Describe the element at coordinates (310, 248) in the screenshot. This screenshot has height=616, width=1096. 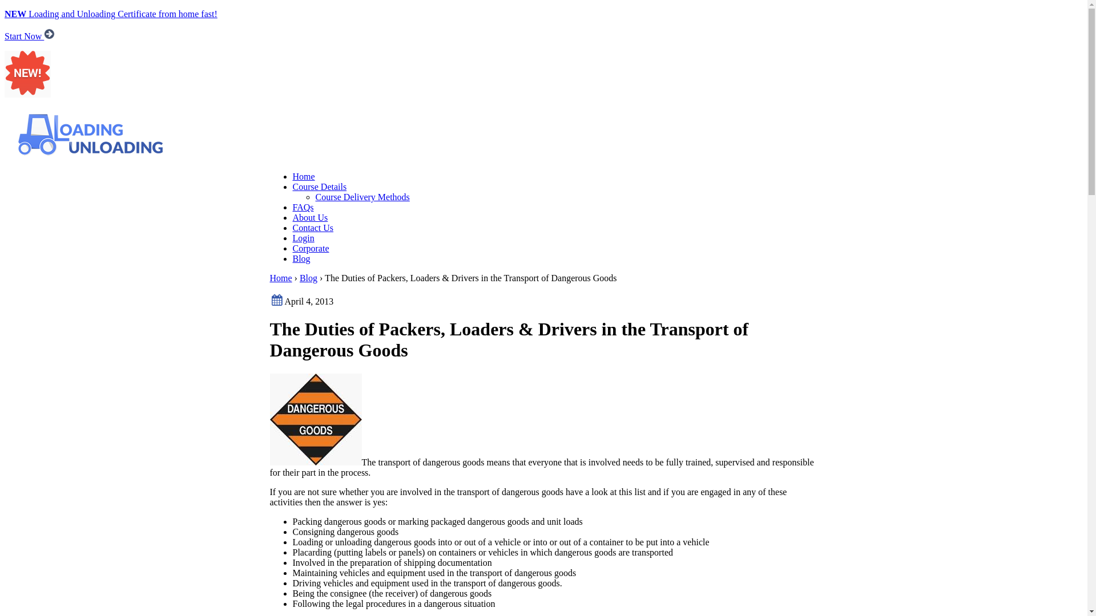
I see `'Corporate'` at that location.